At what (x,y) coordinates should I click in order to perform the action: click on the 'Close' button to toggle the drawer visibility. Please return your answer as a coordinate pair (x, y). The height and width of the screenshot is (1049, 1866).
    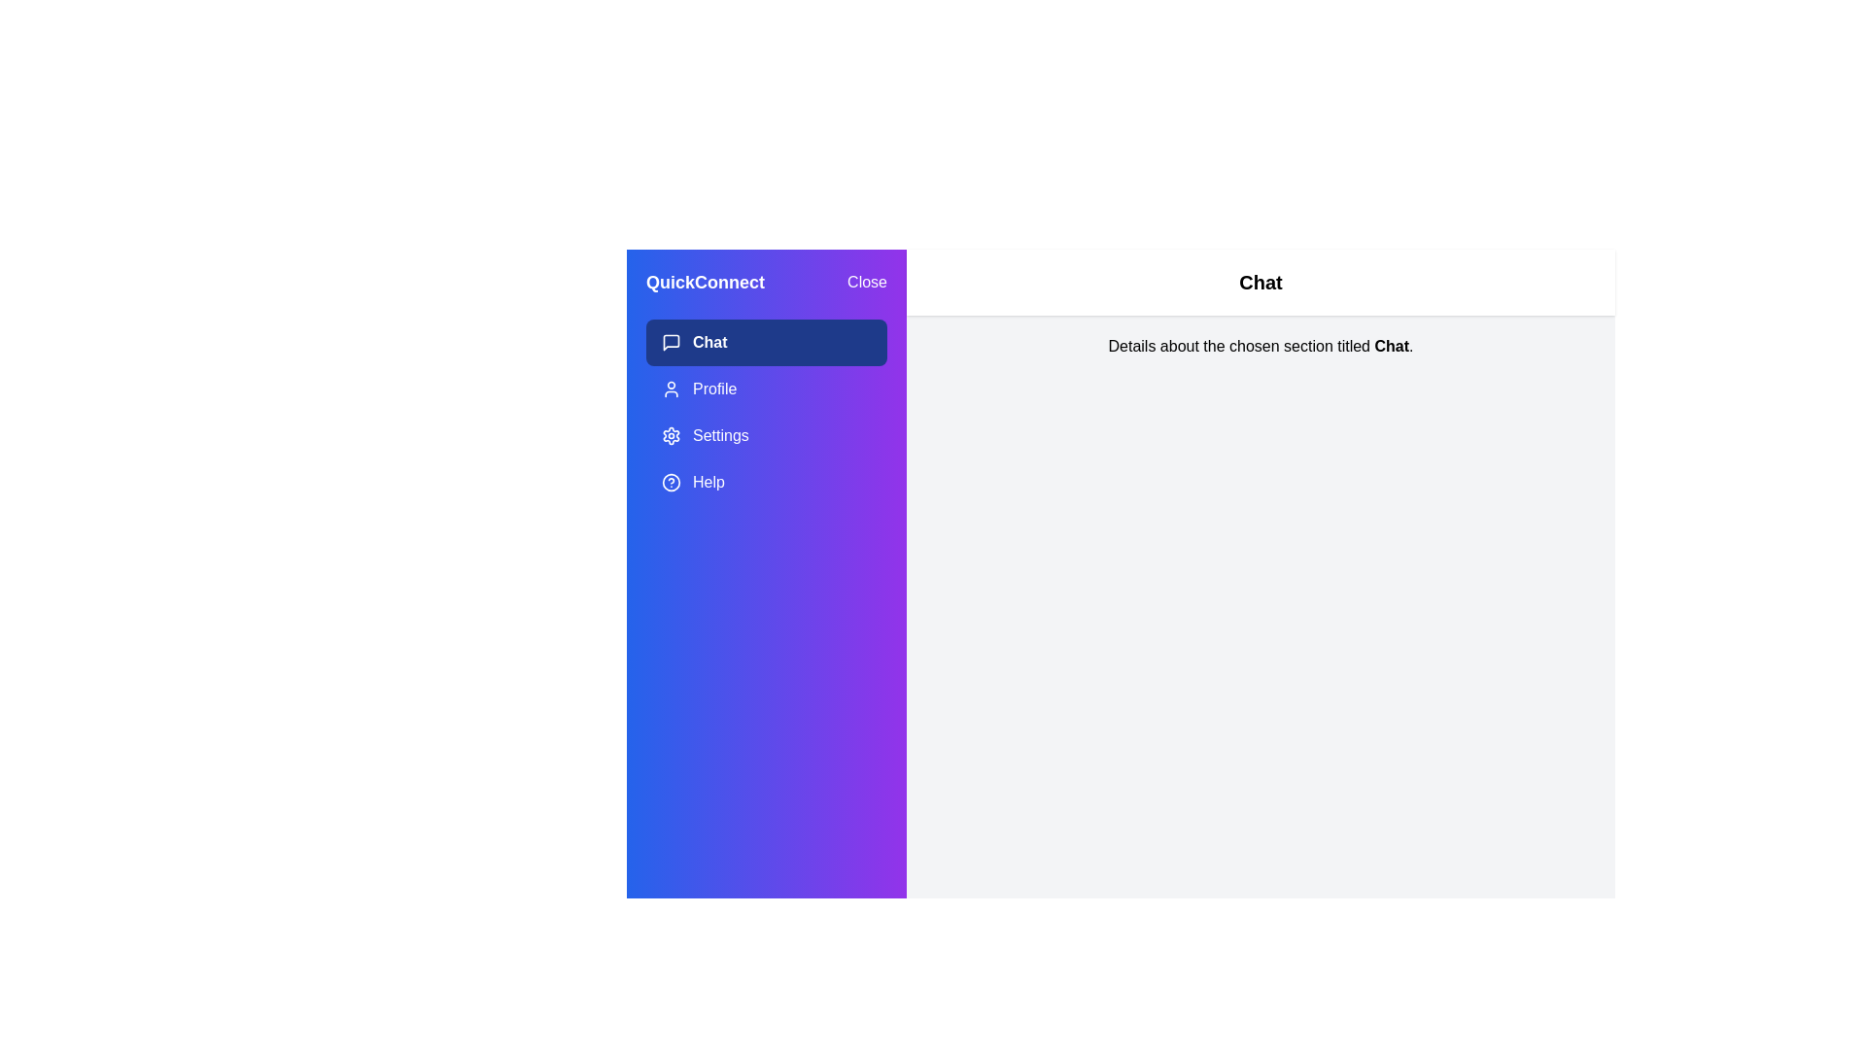
    Looking at the image, I should click on (866, 282).